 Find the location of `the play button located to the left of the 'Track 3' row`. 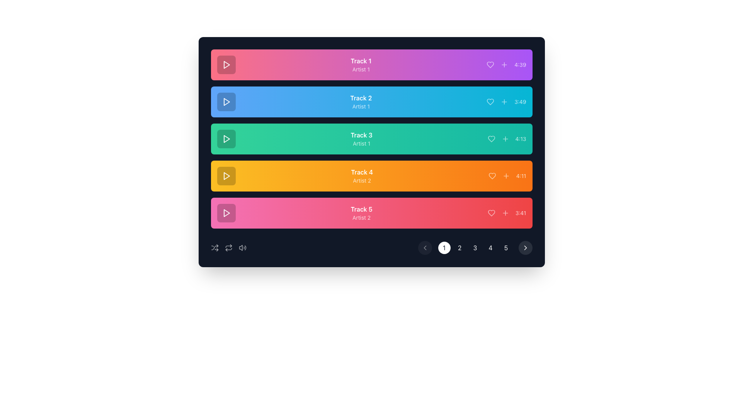

the play button located to the left of the 'Track 3' row is located at coordinates (226, 138).